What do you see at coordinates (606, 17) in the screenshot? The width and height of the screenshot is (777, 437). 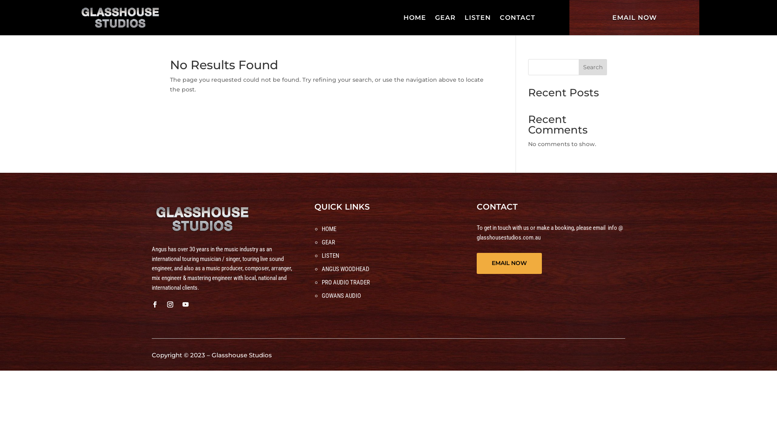 I see `'EMAIL NOW'` at bounding box center [606, 17].